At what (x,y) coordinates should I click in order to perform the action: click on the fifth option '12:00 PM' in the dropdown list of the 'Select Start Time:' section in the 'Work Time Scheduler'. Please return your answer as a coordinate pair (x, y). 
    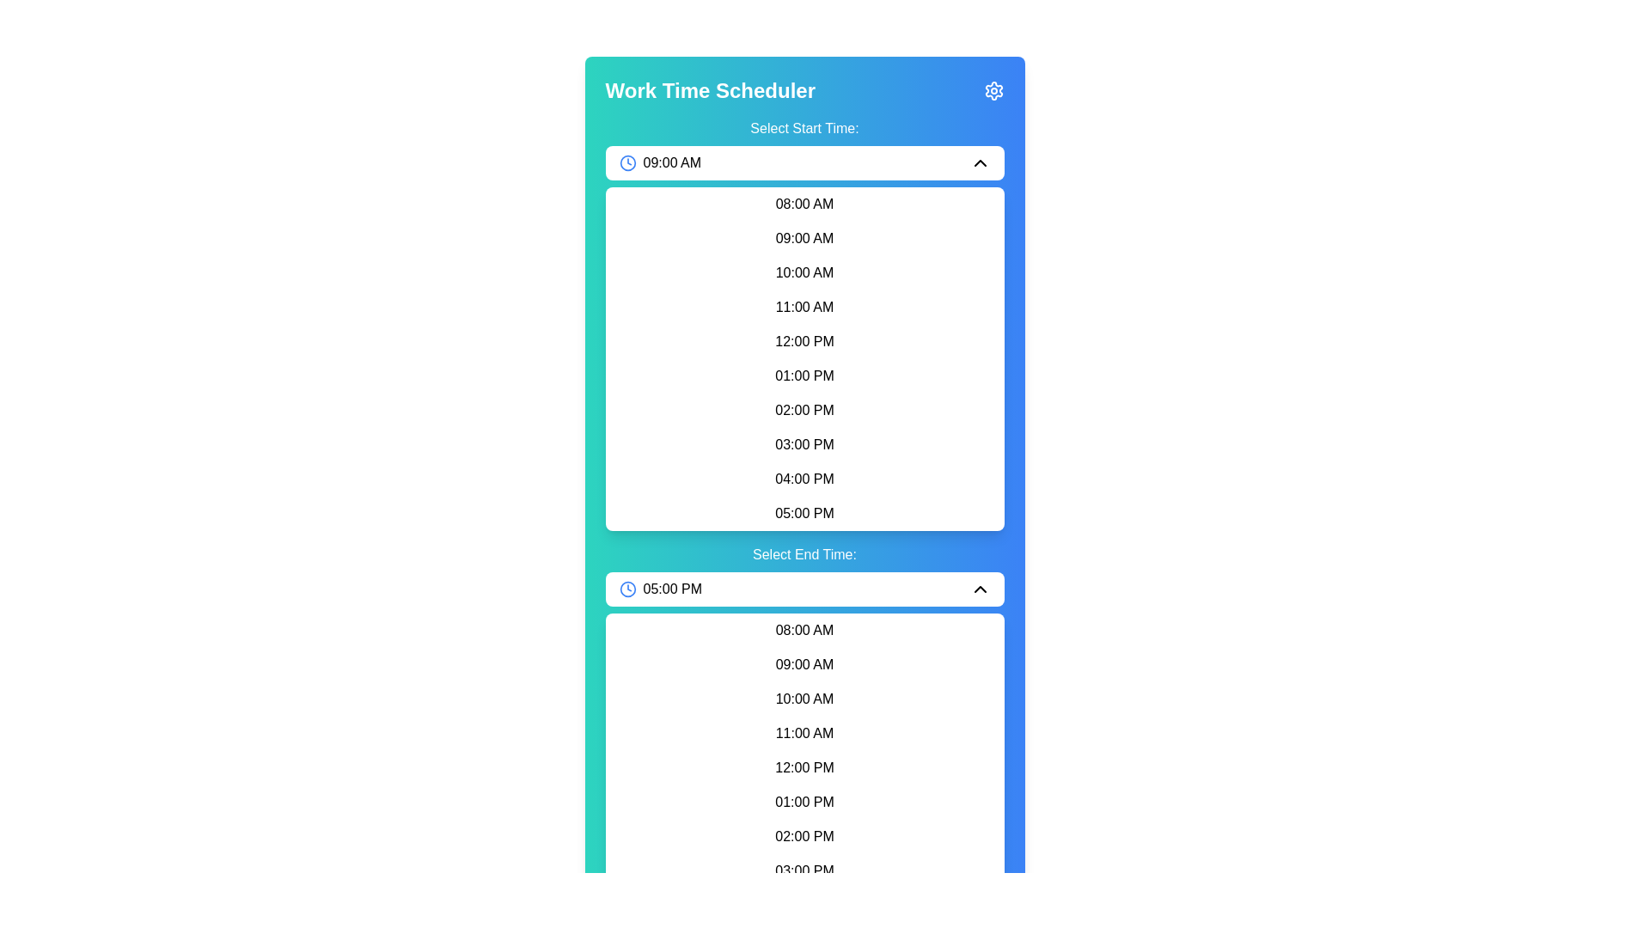
    Looking at the image, I should click on (804, 338).